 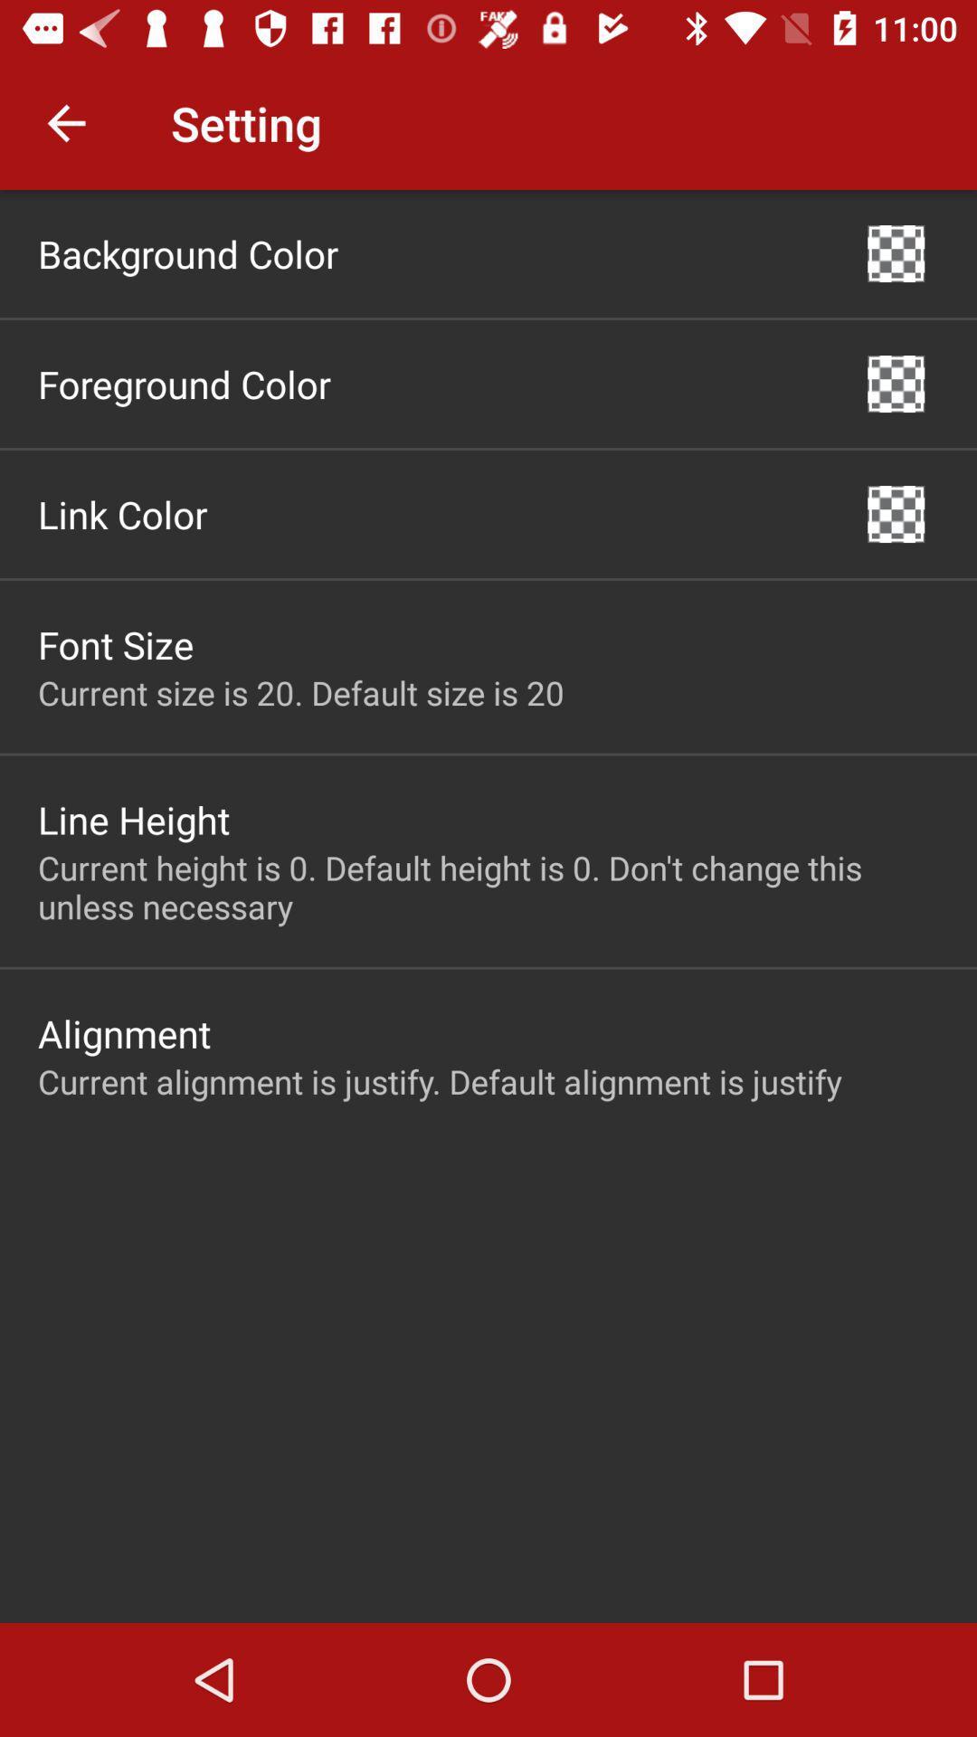 What do you see at coordinates (122, 513) in the screenshot?
I see `icon below foreground color` at bounding box center [122, 513].